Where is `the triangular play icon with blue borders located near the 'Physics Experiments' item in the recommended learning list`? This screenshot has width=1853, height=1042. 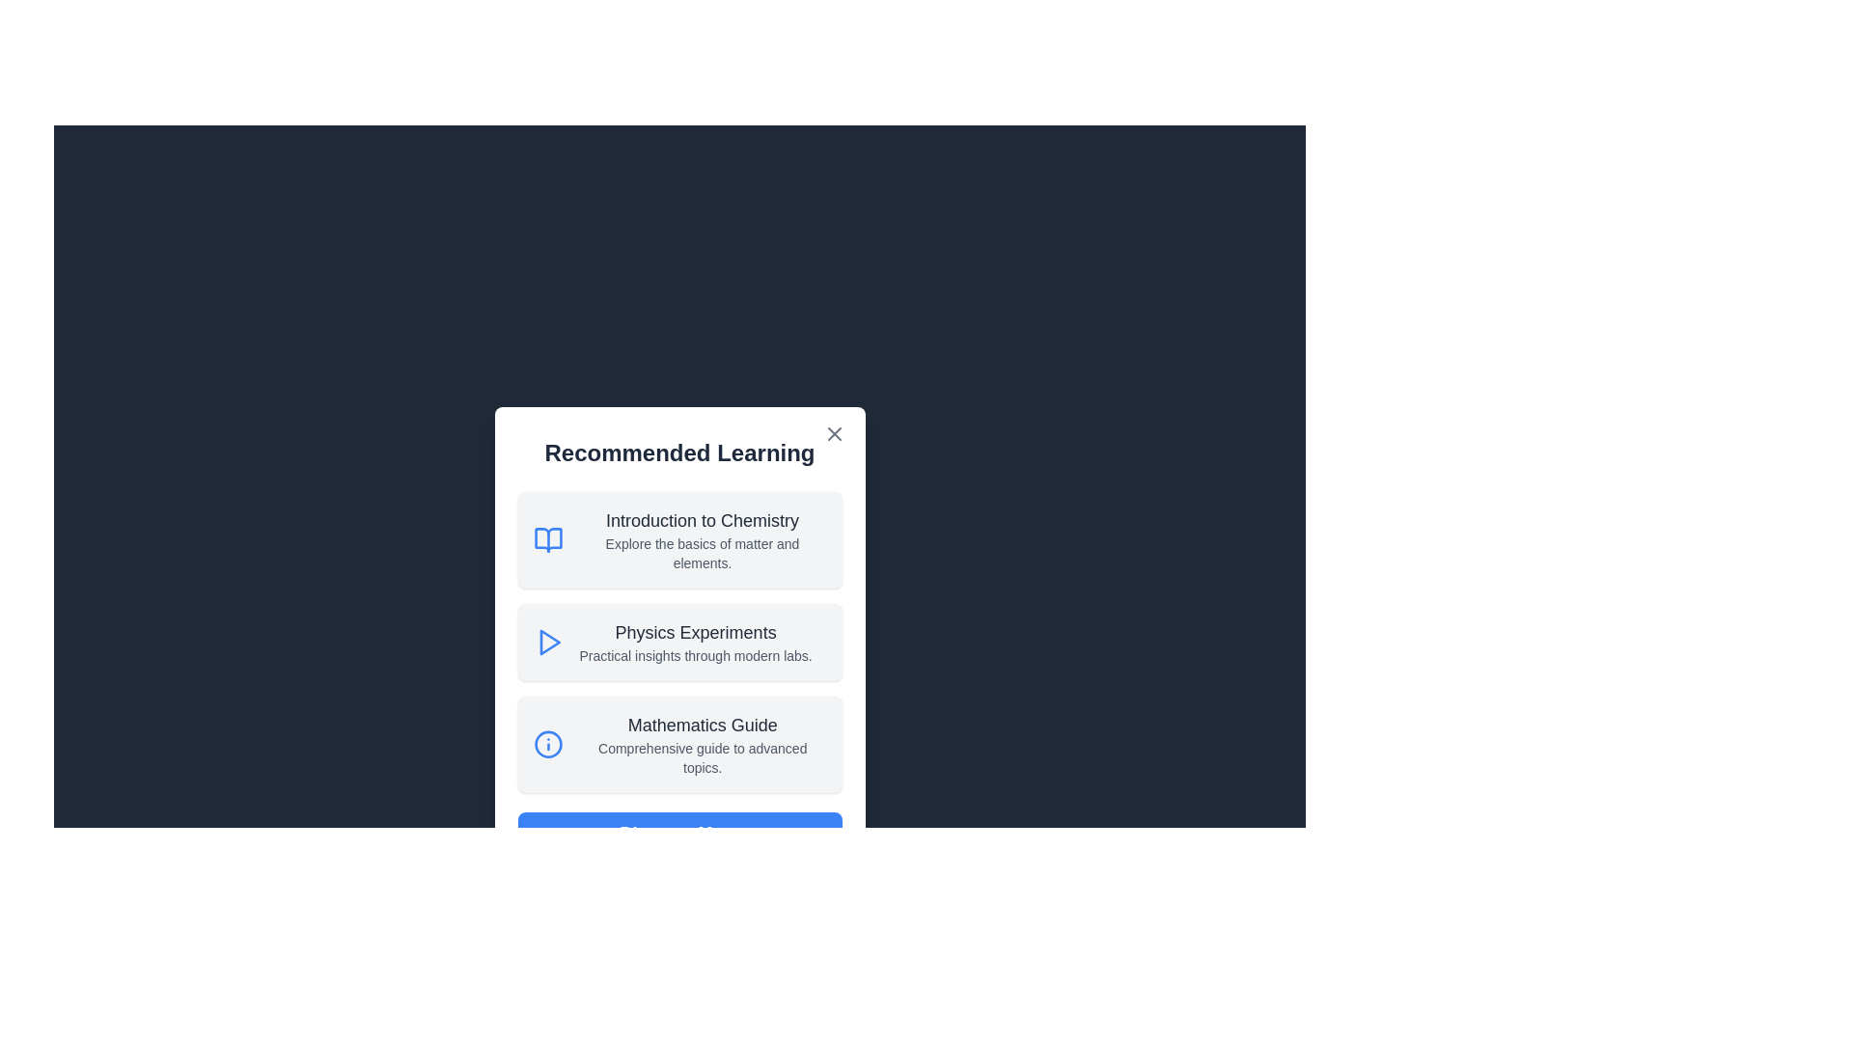
the triangular play icon with blue borders located near the 'Physics Experiments' item in the recommended learning list is located at coordinates (548, 643).